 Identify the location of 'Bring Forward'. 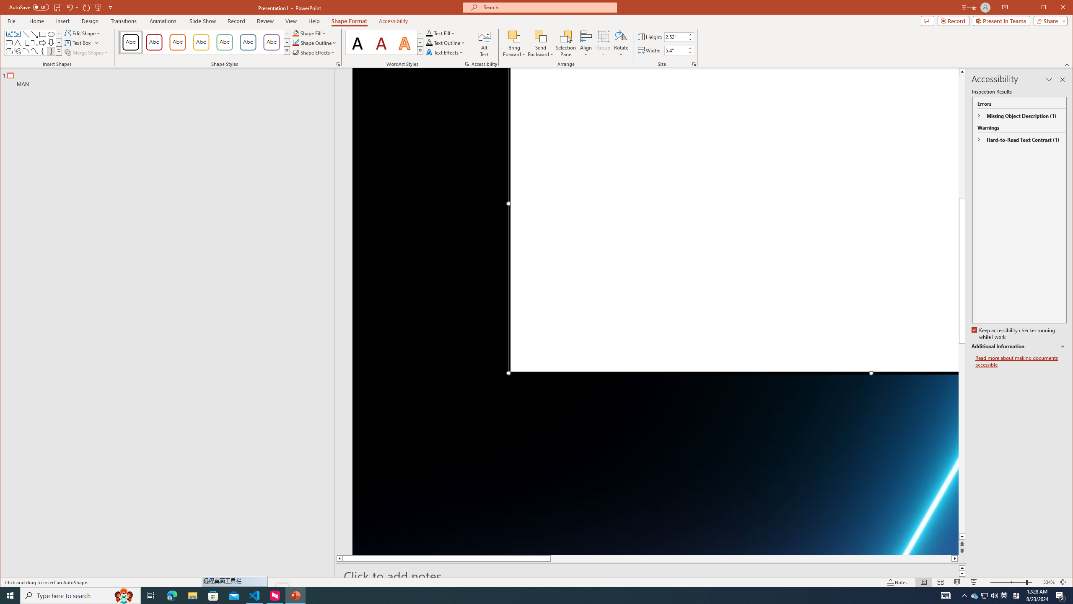
(514, 36).